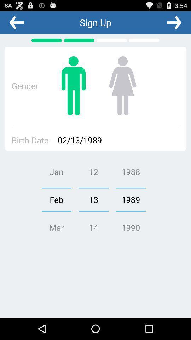 Image resolution: width=191 pixels, height=340 pixels. What do you see at coordinates (73, 85) in the screenshot?
I see `male` at bounding box center [73, 85].